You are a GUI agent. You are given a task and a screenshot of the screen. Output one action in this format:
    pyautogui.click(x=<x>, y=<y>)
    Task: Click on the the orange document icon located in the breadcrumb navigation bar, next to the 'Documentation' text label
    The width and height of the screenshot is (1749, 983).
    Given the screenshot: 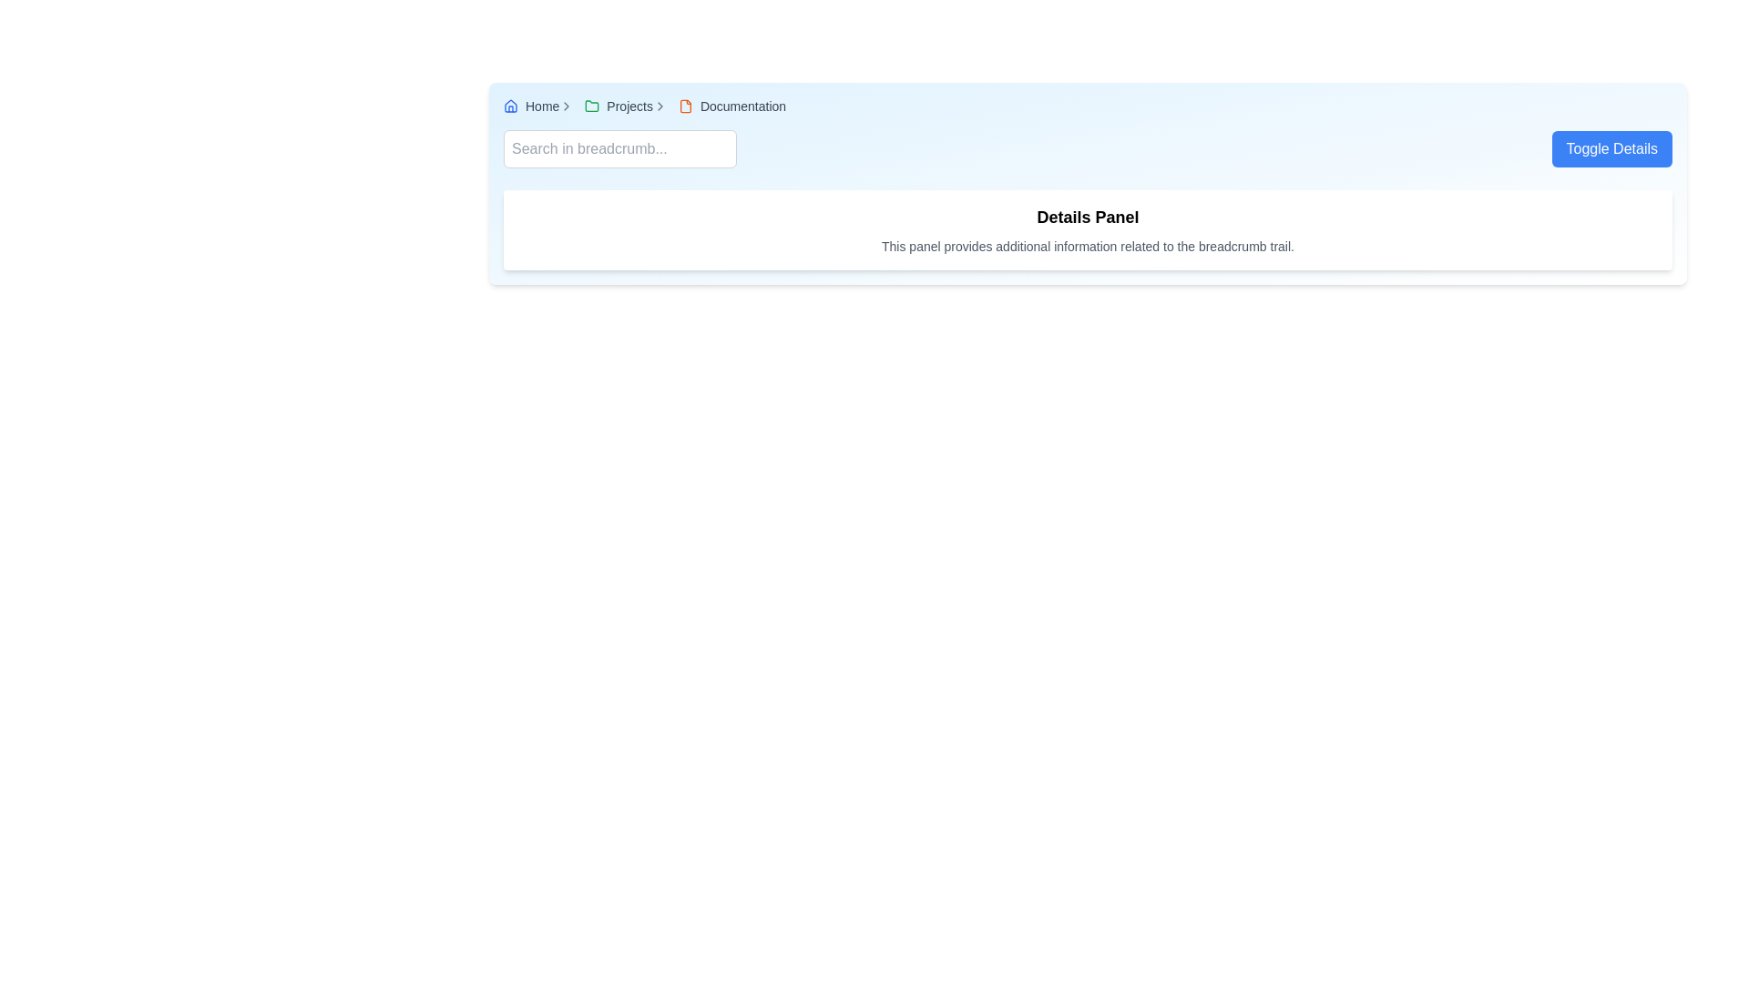 What is the action you would take?
    pyautogui.click(x=685, y=106)
    